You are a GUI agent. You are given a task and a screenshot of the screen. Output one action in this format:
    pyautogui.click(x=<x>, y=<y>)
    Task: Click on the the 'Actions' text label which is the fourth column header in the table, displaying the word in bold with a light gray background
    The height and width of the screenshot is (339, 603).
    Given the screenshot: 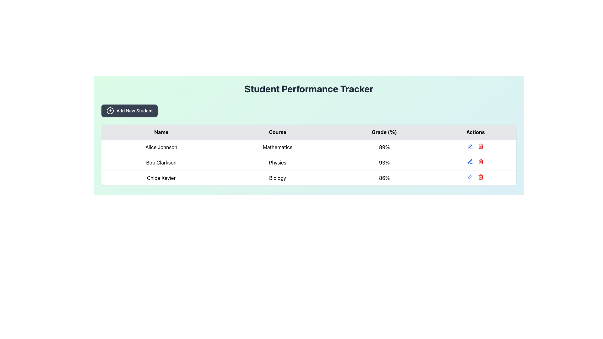 What is the action you would take?
    pyautogui.click(x=475, y=132)
    